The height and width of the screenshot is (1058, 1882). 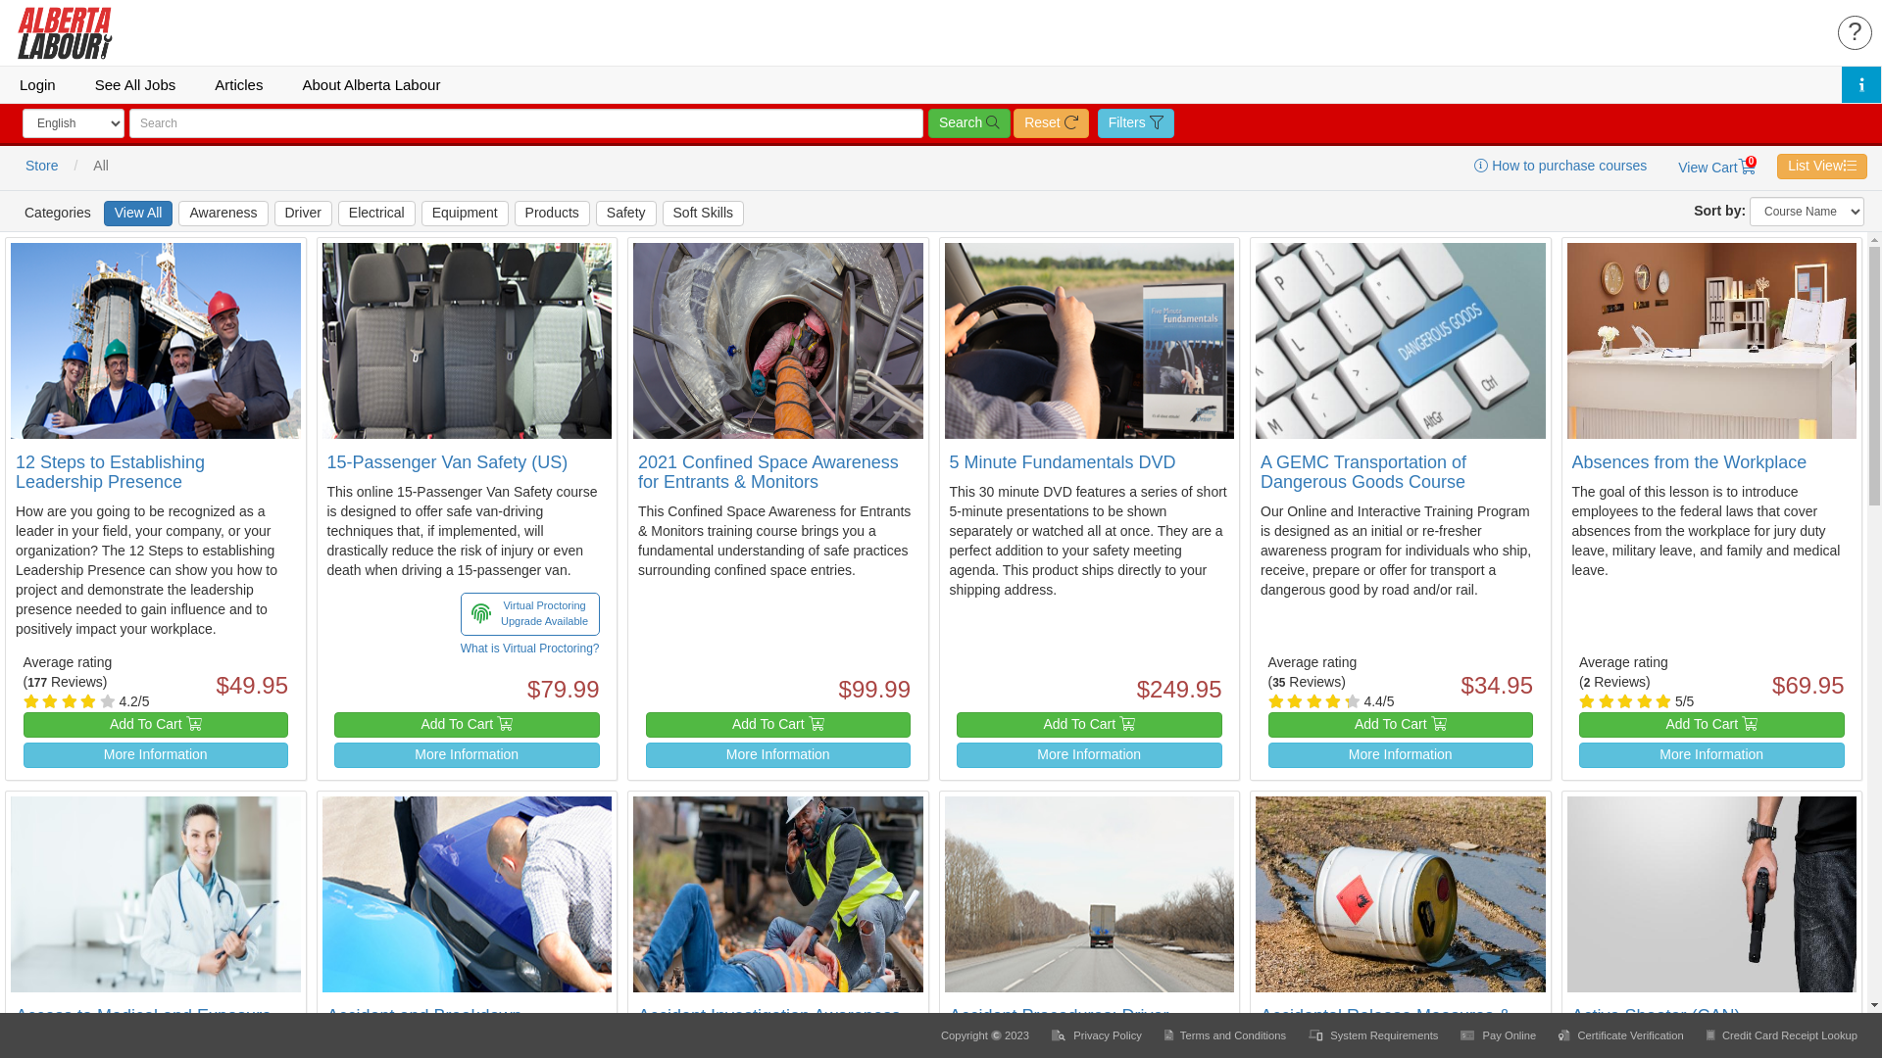 I want to click on 'See All Jobs', so click(x=134, y=83).